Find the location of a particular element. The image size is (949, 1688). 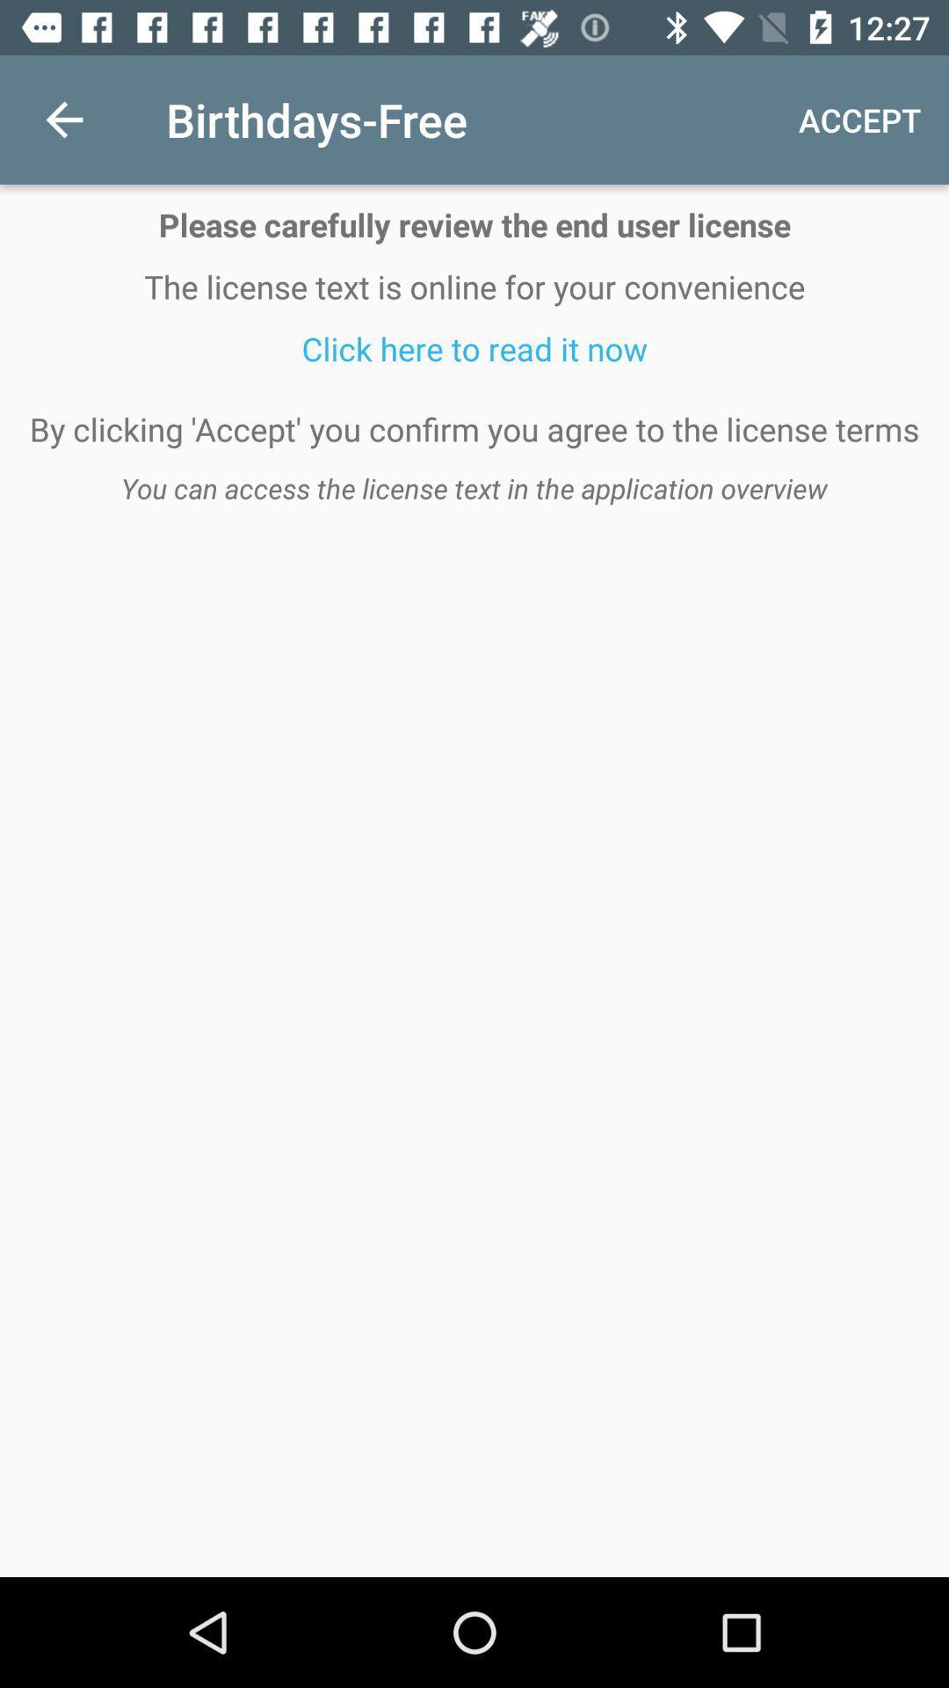

the icon above please carefully review item is located at coordinates (63, 119).